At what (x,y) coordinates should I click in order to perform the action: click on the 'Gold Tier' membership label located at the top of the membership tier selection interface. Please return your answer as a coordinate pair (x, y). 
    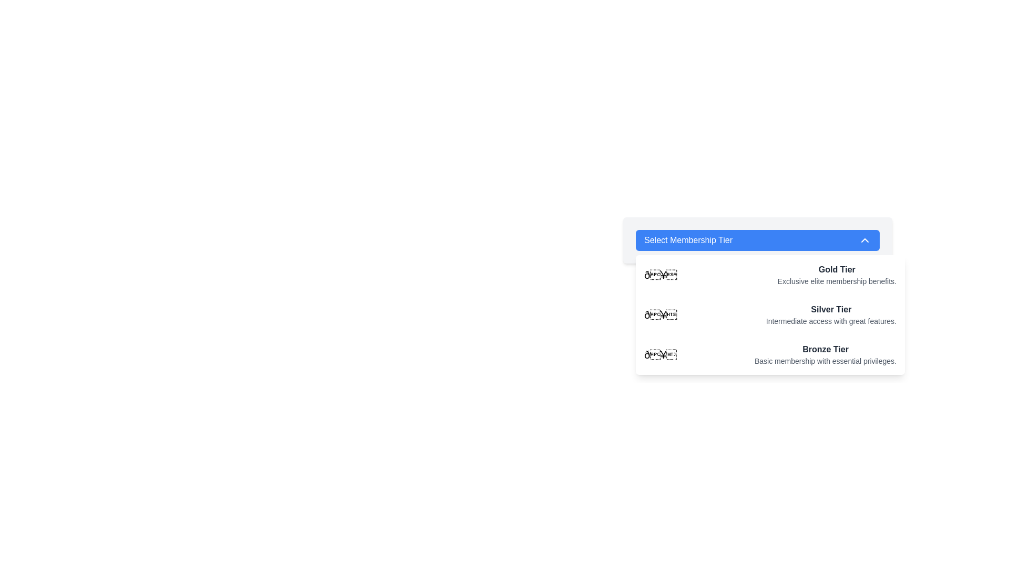
    Looking at the image, I should click on (836, 269).